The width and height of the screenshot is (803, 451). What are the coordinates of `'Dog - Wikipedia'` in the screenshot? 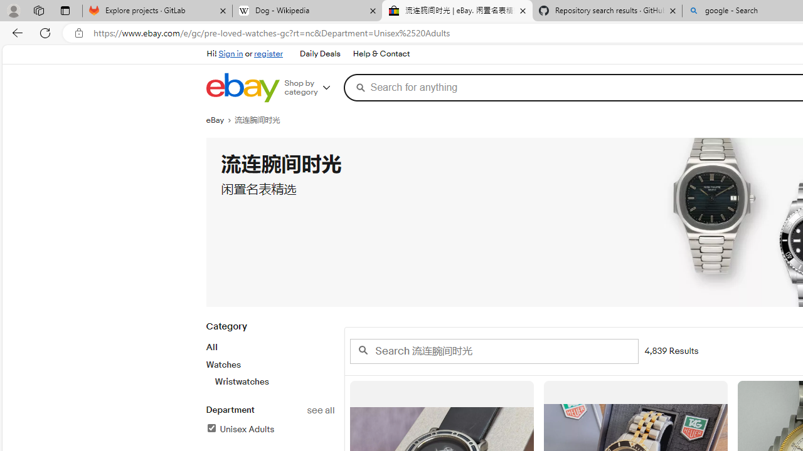 It's located at (307, 11).